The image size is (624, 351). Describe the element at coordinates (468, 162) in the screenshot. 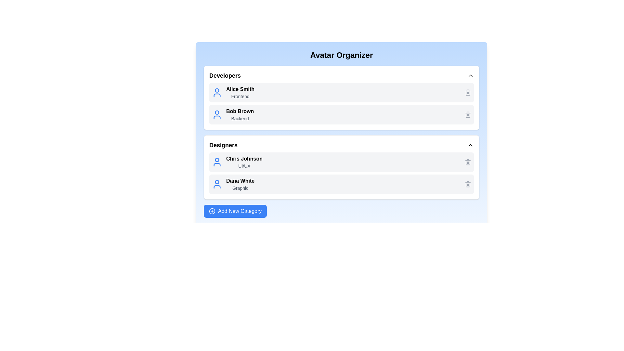

I see `the trash icon element associated with the entry 'Dana White' under the category 'Designers'` at that location.